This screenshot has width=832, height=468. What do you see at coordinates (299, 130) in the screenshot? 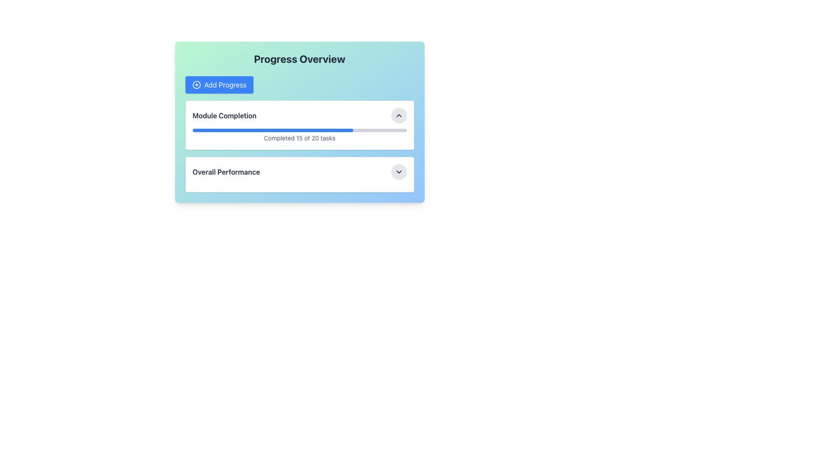
I see `the progress represented by the progress bar located centrally above the text 'Completed 15 of 20 tasks'` at bounding box center [299, 130].